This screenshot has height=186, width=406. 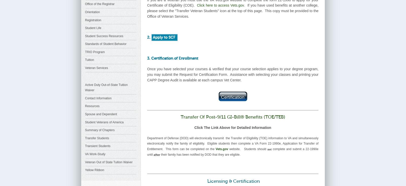 I want to click on 'Vets.gov', so click(x=222, y=149).